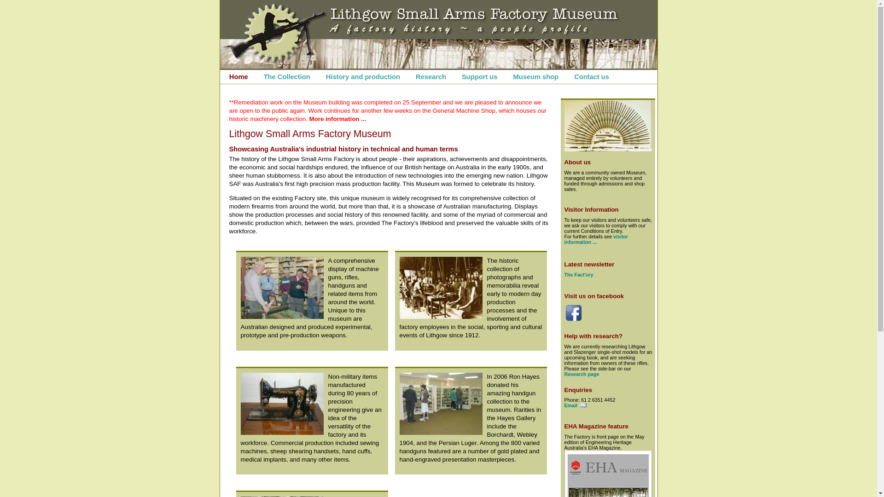 The height and width of the screenshot is (497, 884). What do you see at coordinates (575, 405) in the screenshot?
I see `'Email'` at bounding box center [575, 405].